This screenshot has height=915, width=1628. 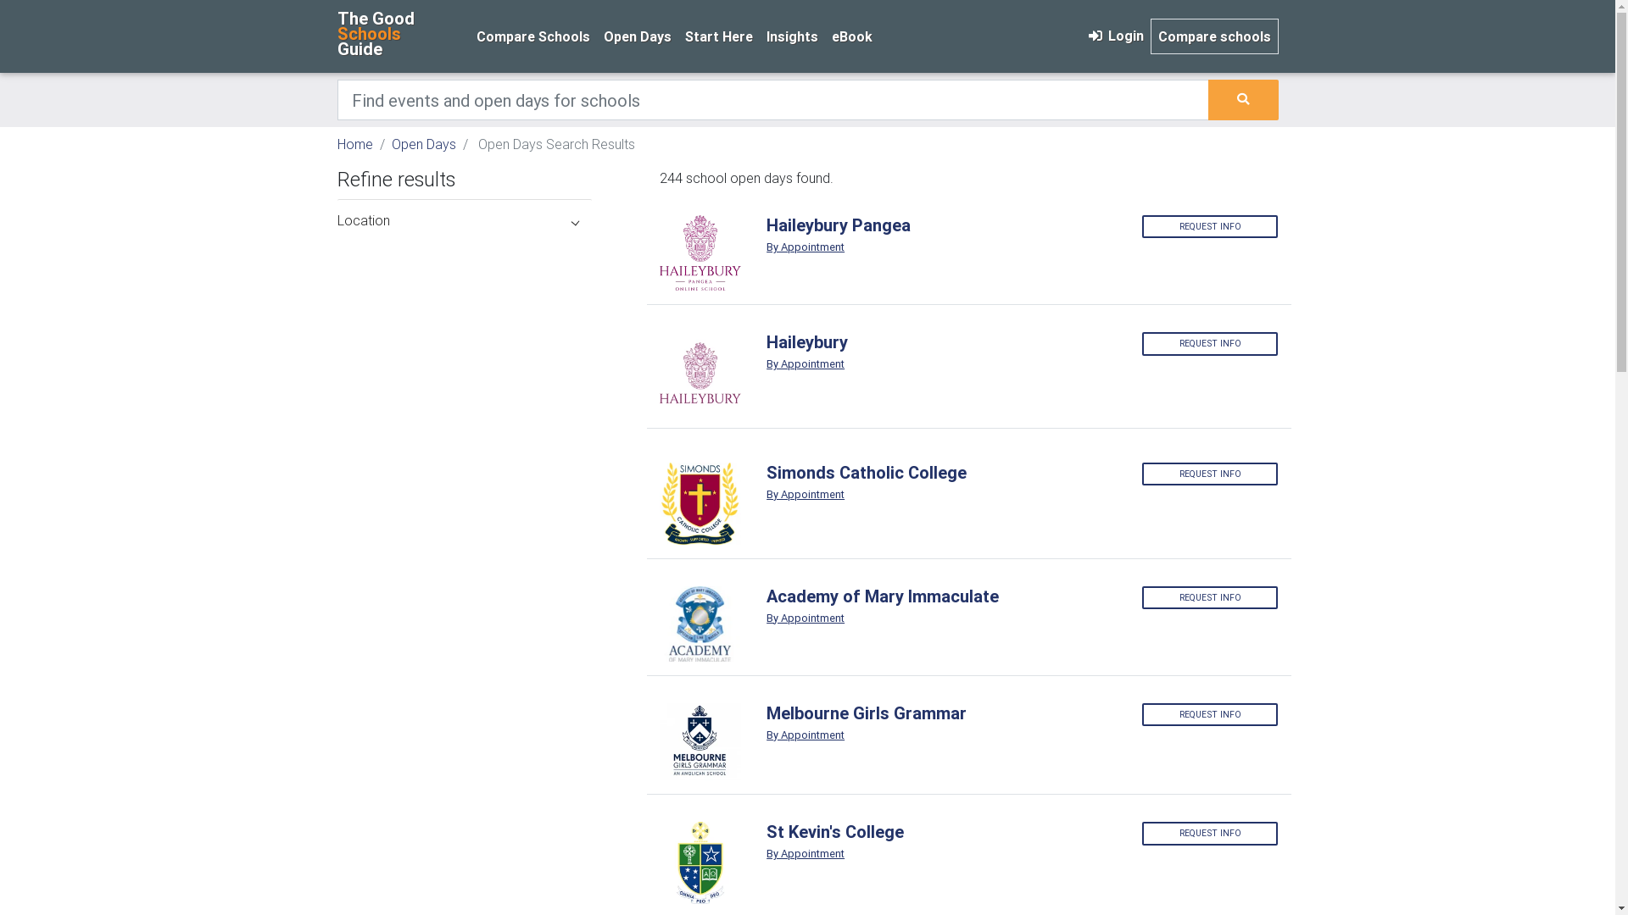 I want to click on 'The Good, so click(x=396, y=36).